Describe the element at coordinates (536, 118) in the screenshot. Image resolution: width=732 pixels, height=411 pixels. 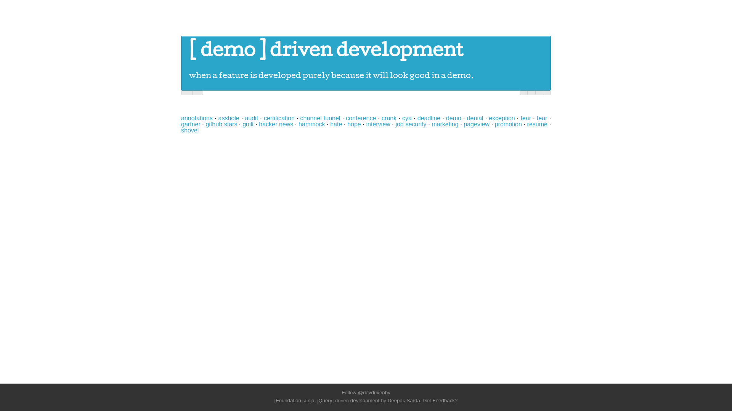
I see `'fear'` at that location.